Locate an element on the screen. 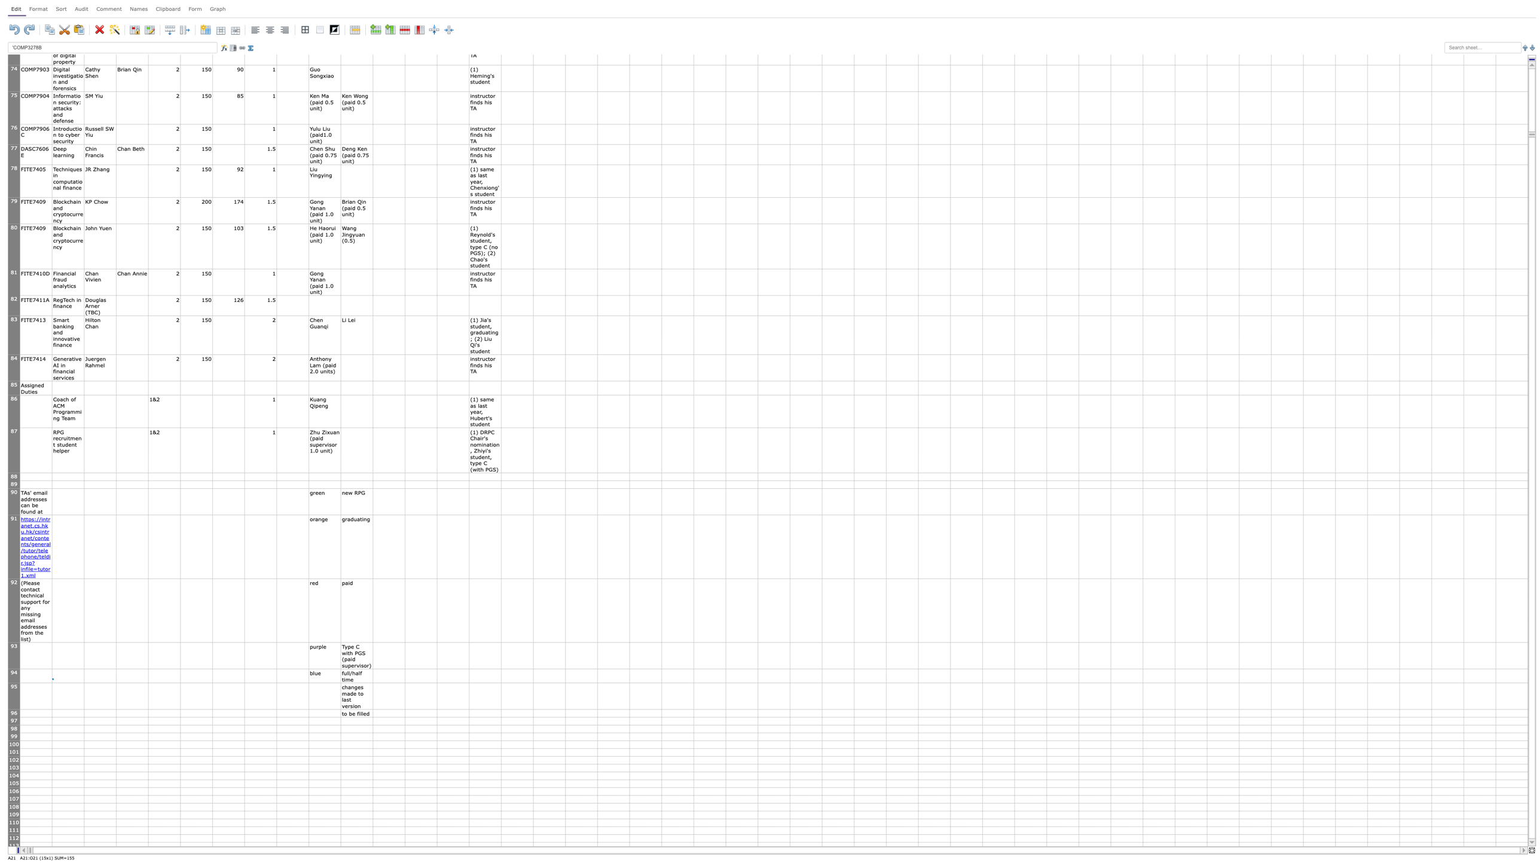 The image size is (1540, 866). row 95's resize area is located at coordinates (14, 709).